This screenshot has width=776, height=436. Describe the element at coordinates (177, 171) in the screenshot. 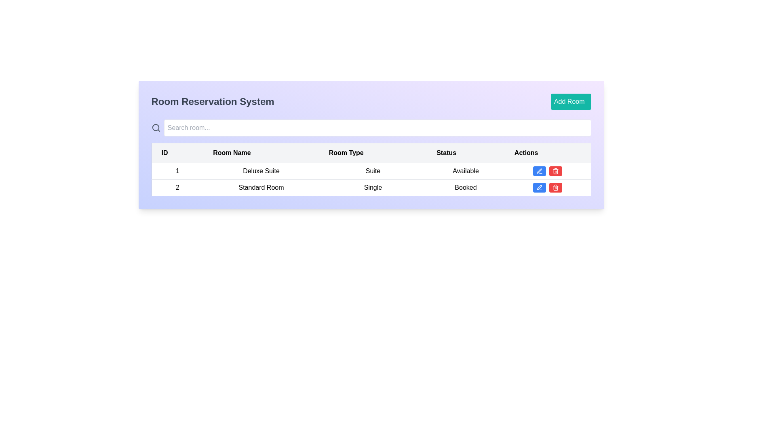

I see `the minimalistic text element displaying the number '1' that aligns with the 'ID' column in the room details table` at that location.